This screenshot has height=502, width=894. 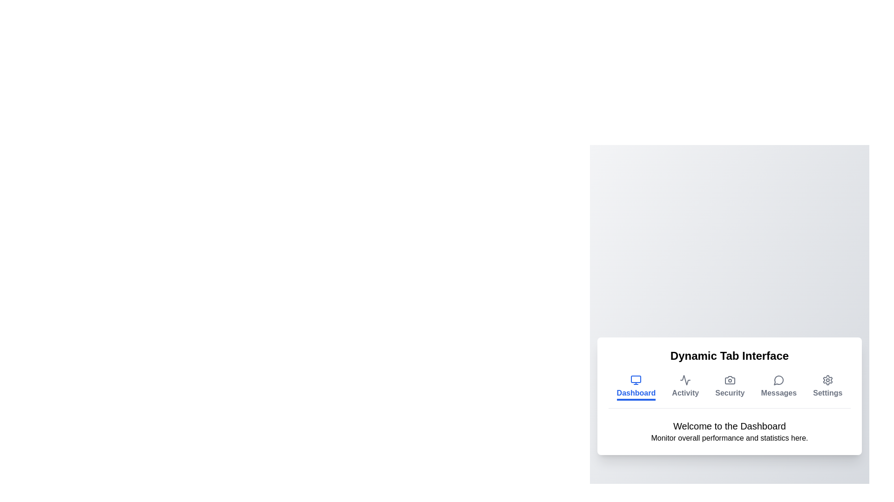 I want to click on the second icon in the navigation interface, which is a stylized wave-like design located between the 'Dashboard' and 'Security' tabs, so click(x=685, y=380).